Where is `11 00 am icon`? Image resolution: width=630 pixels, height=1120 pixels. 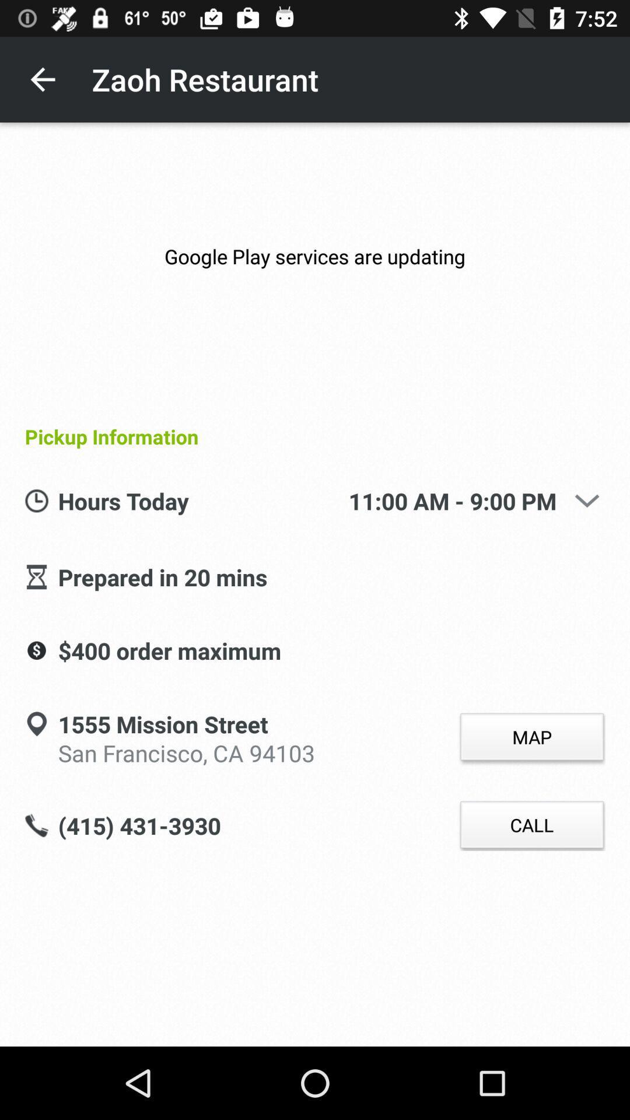
11 00 am icon is located at coordinates (452, 502).